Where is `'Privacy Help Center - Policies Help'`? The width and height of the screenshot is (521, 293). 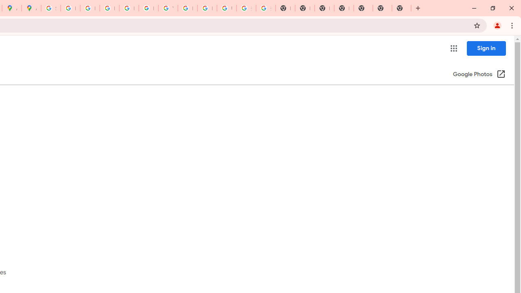 'Privacy Help Center - Policies Help' is located at coordinates (109, 8).